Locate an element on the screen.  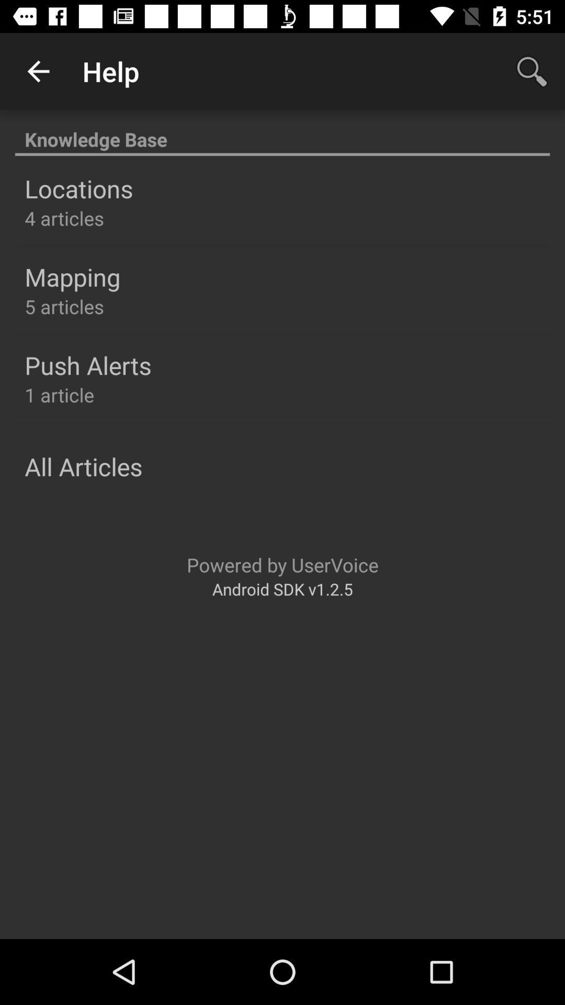
the powered by uservoice icon is located at coordinates (282, 564).